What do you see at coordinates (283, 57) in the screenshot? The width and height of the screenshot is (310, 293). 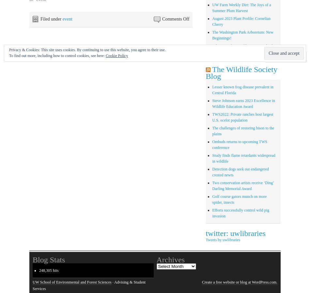 I see `'Follow'` at bounding box center [283, 57].